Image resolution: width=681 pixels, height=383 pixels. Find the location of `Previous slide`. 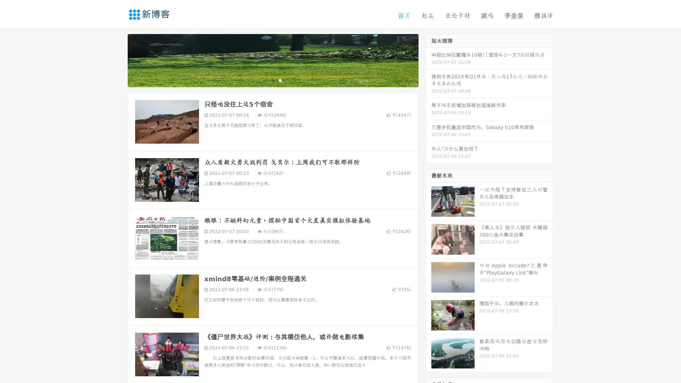

Previous slide is located at coordinates (117, 60).